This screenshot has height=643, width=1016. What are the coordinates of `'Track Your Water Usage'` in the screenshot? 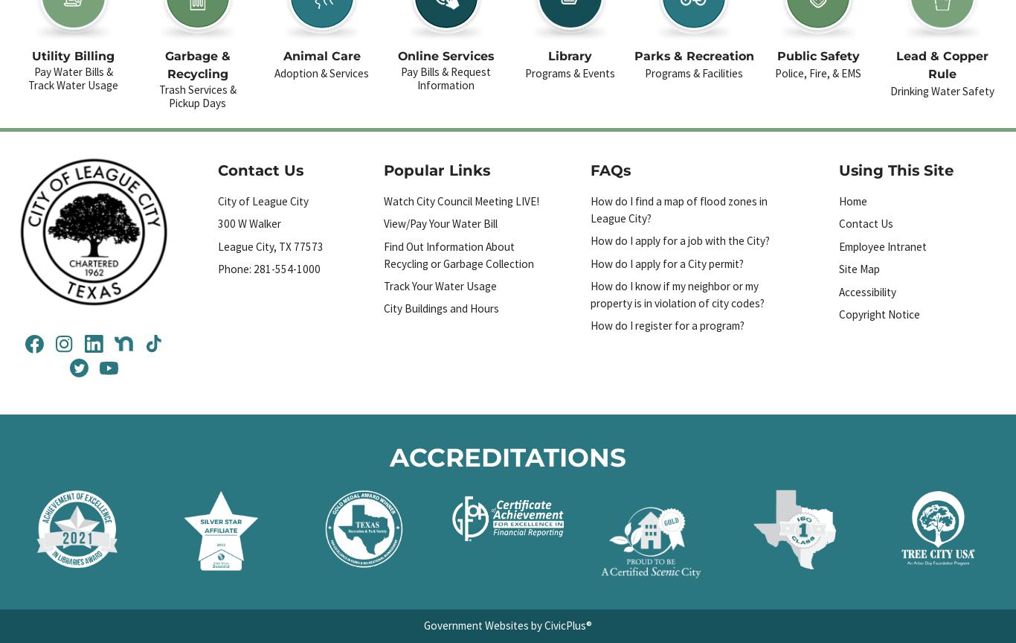 It's located at (440, 284).